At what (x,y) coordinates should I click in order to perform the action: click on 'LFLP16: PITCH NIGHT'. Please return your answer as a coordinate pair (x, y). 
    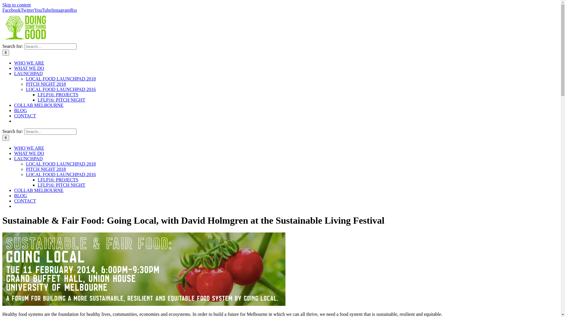
    Looking at the image, I should click on (62, 100).